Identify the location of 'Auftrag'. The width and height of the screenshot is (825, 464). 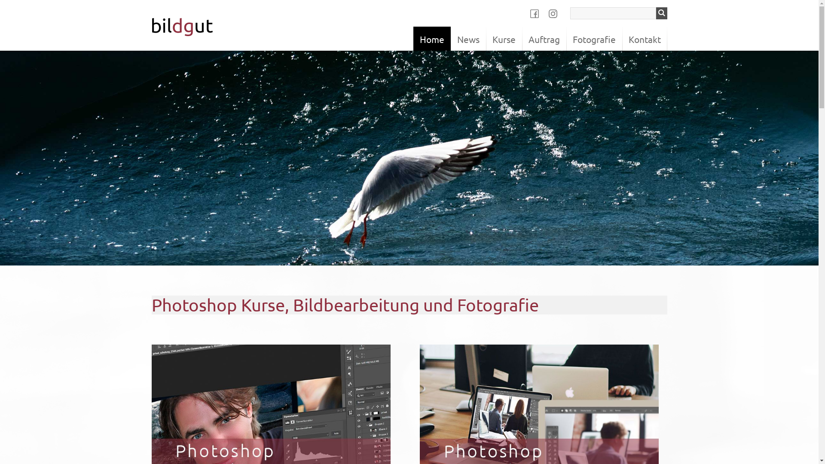
(521, 38).